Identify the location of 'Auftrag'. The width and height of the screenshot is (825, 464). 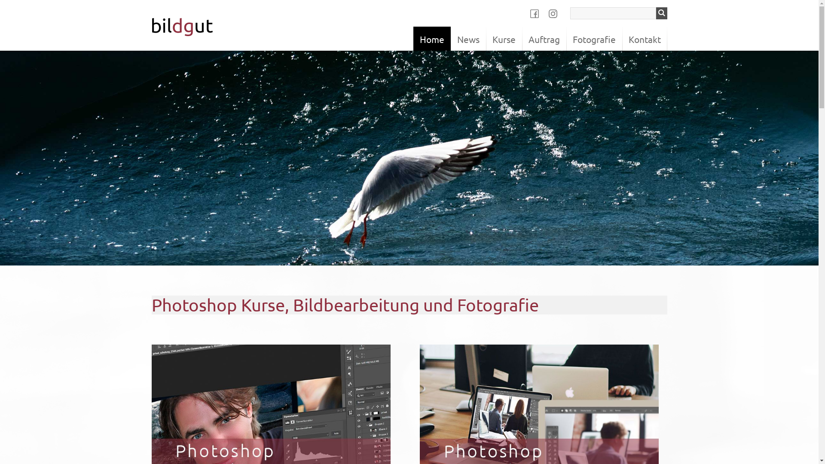
(521, 38).